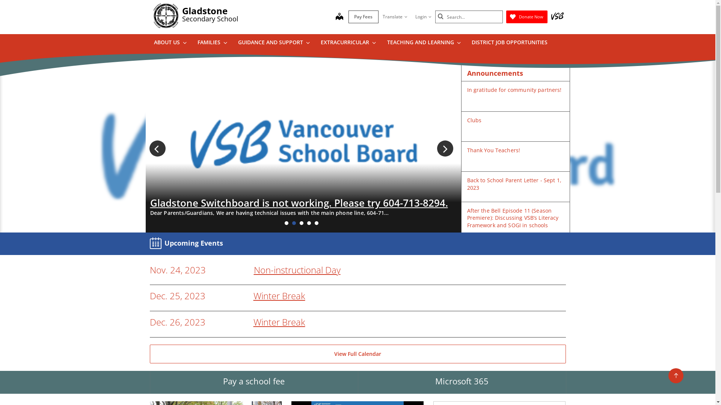  What do you see at coordinates (176, 322) in the screenshot?
I see `'Dec. 26, 2023'` at bounding box center [176, 322].